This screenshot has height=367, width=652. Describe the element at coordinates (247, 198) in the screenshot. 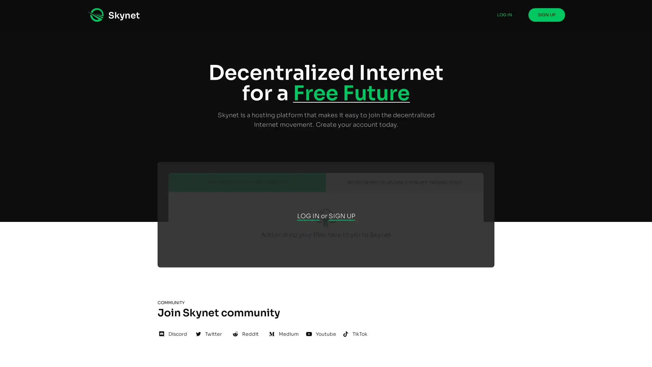

I see `TRY IT NOW AND UPLOAD YOUR FILES` at that location.